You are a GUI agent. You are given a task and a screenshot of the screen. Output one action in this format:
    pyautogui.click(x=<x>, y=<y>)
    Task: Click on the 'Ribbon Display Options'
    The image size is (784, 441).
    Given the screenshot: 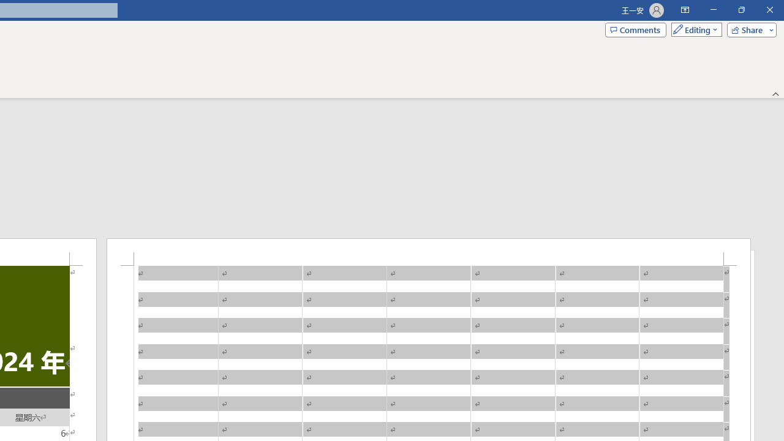 What is the action you would take?
    pyautogui.click(x=684, y=10)
    